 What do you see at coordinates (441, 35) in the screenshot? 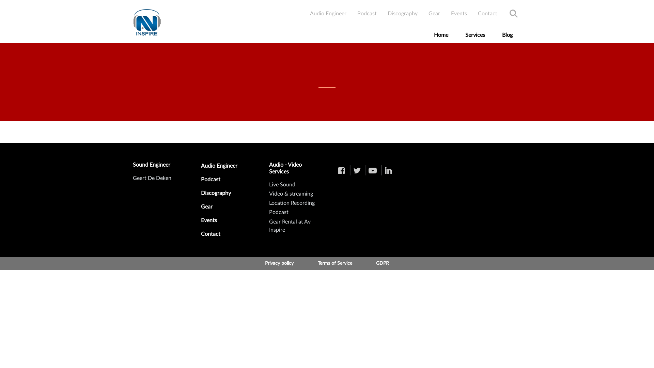
I see `'Home'` at bounding box center [441, 35].